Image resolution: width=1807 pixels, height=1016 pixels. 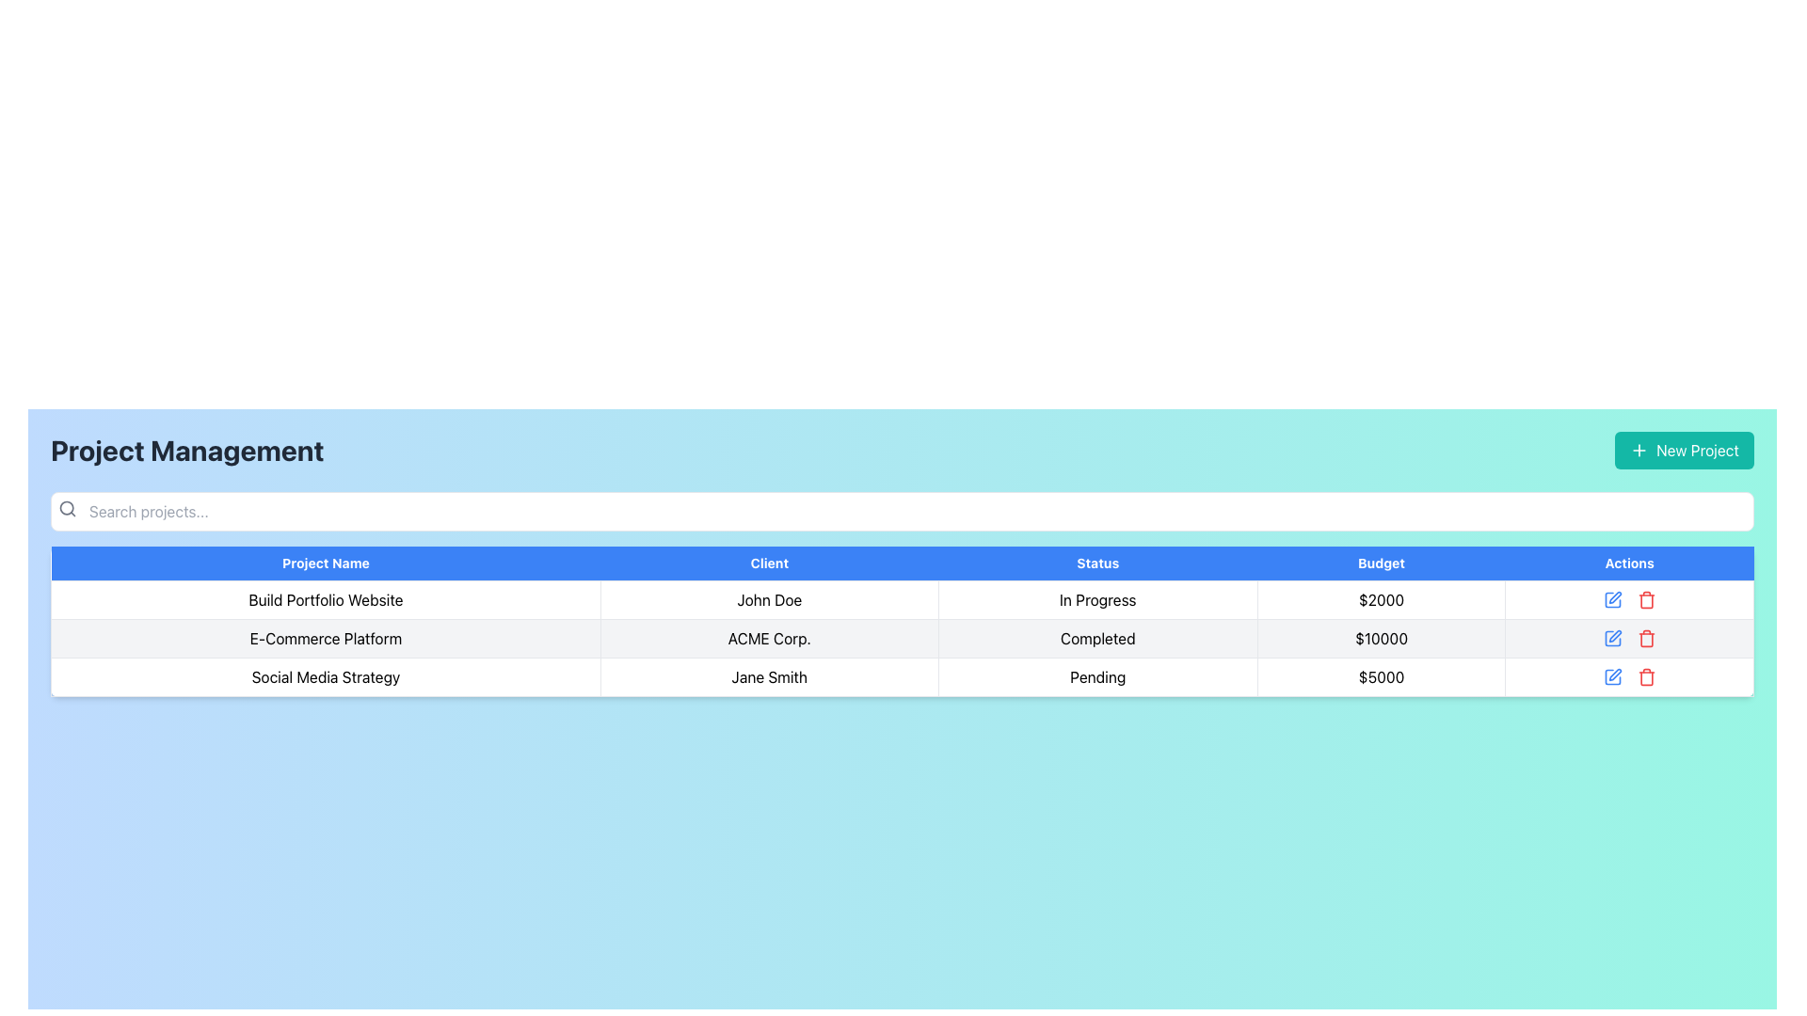 I want to click on the leftmost icon in the 'Actions' column for the 'Build Portfolio Website' project, so click(x=1614, y=597).